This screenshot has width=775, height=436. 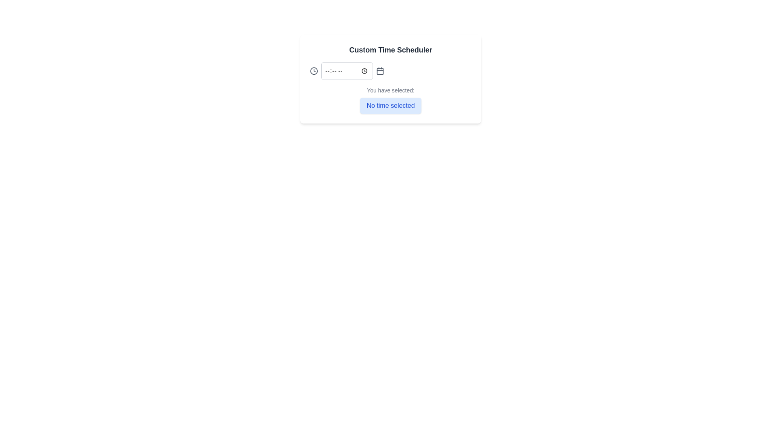 What do you see at coordinates (347, 71) in the screenshot?
I see `the time input field` at bounding box center [347, 71].